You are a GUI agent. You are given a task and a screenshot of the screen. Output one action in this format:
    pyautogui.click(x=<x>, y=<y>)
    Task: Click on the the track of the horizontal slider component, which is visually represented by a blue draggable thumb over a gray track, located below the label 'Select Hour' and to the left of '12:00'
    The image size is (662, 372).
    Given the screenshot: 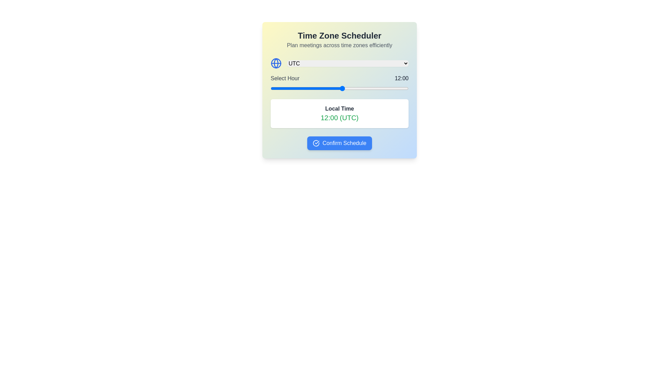 What is the action you would take?
    pyautogui.click(x=339, y=88)
    